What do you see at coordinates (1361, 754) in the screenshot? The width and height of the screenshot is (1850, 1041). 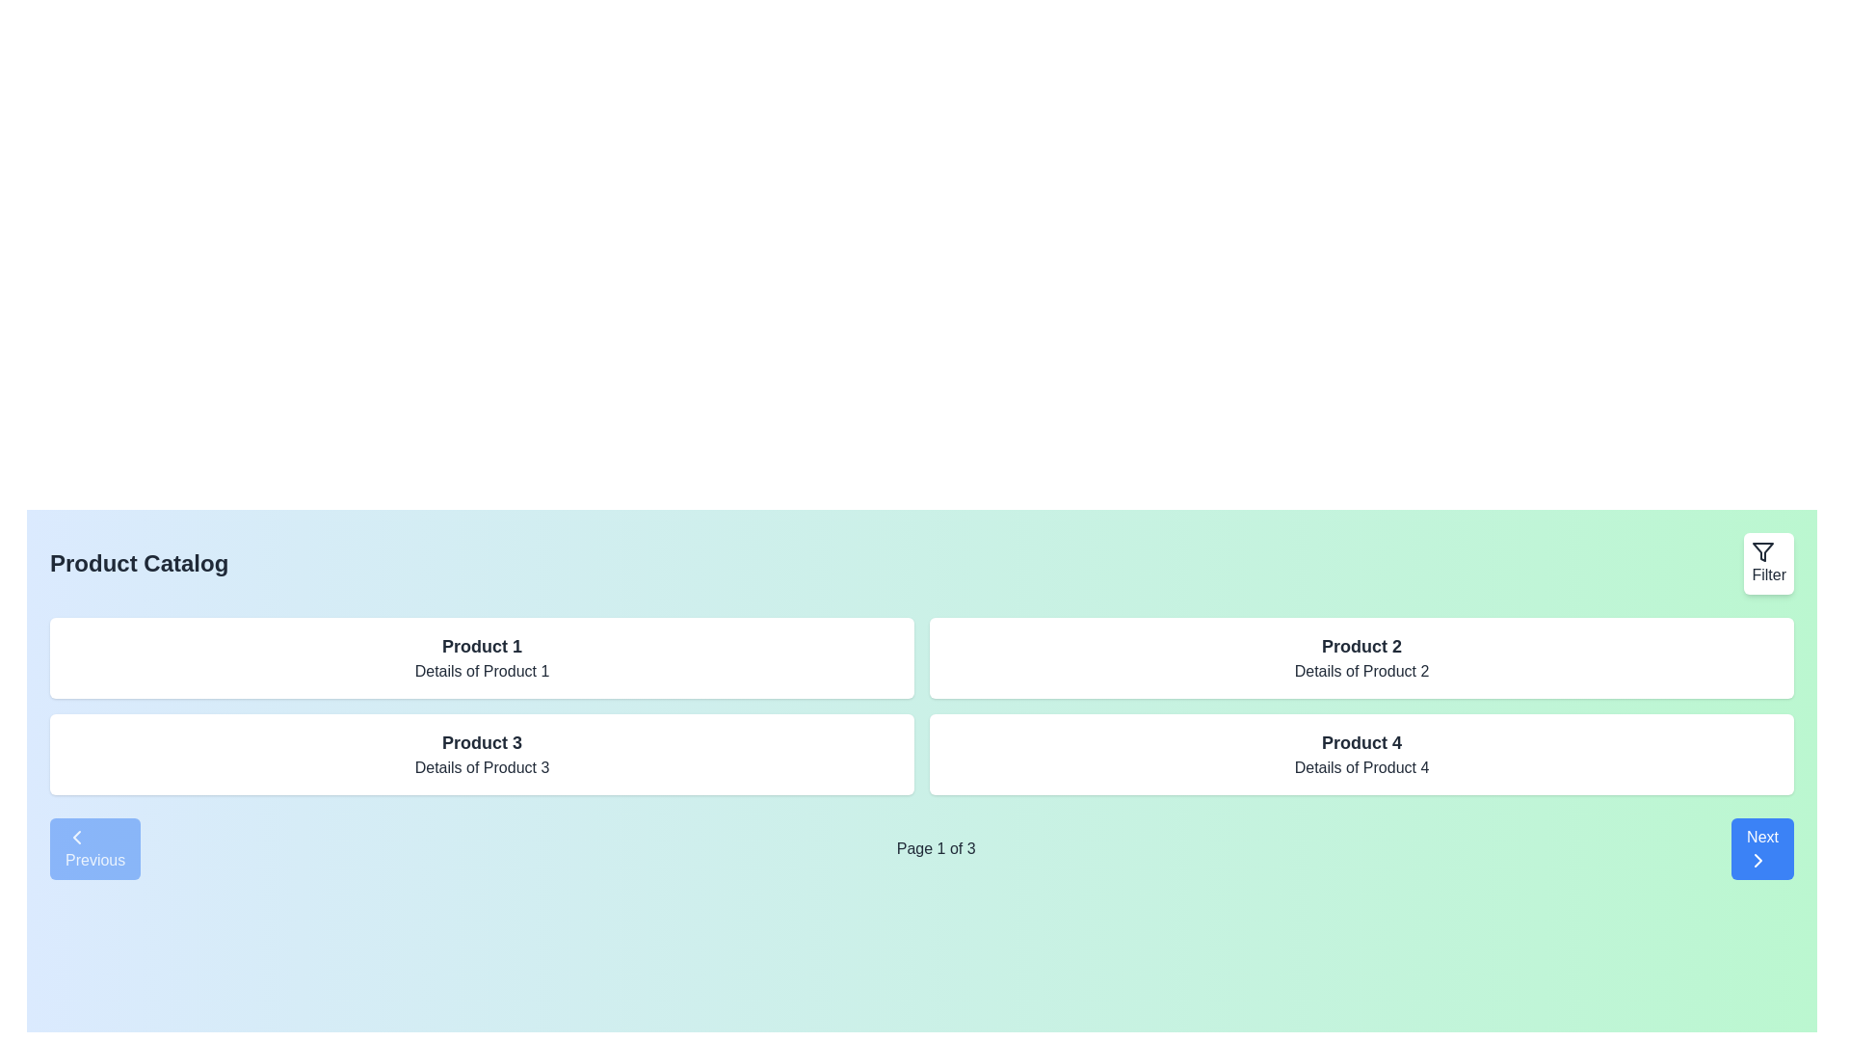 I see `text content of the Card component located in the bottom-right grid cell of the layout, which presents a product overview` at bounding box center [1361, 754].